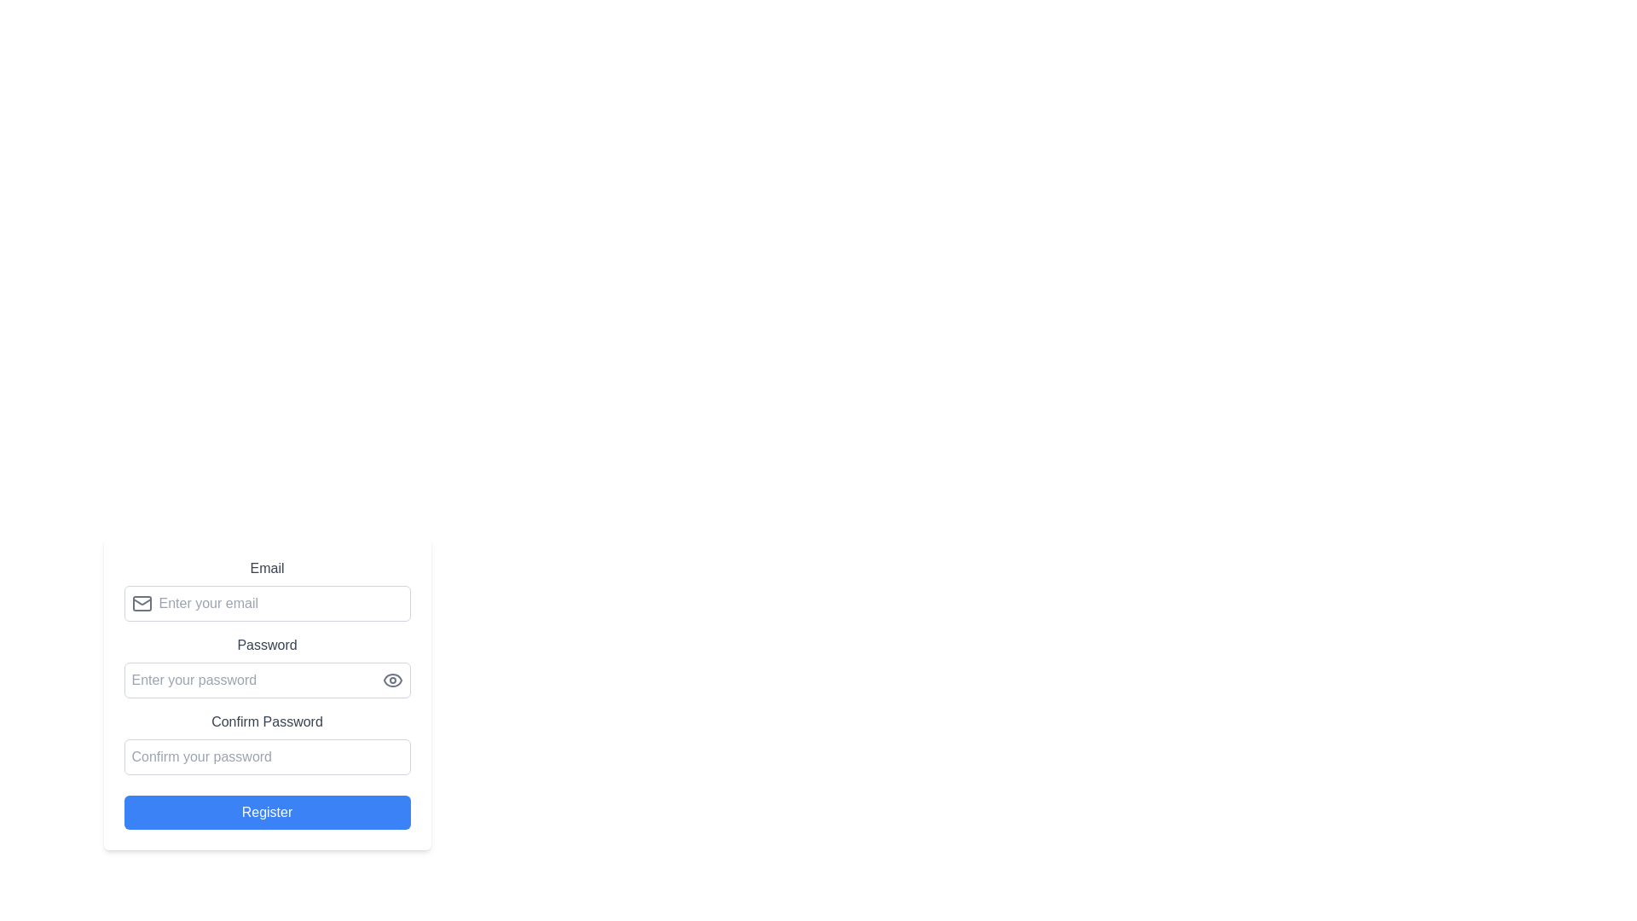 The height and width of the screenshot is (921, 1637). I want to click on the Password Input Field to focus on it for entering a password, so click(252, 680).